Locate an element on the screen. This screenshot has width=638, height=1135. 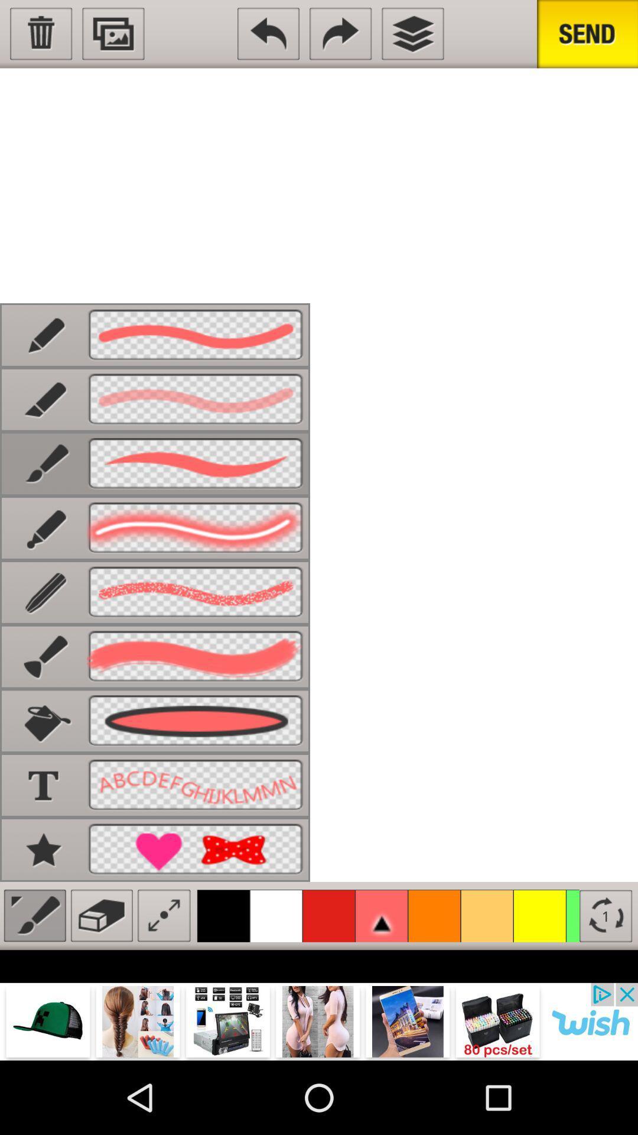
forward is located at coordinates (340, 34).